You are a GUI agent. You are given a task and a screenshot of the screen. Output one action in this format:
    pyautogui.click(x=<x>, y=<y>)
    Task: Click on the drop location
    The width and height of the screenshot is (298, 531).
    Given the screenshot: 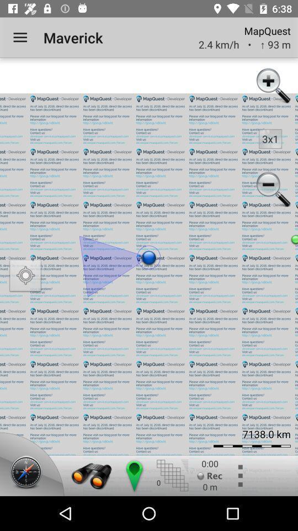 What is the action you would take?
    pyautogui.click(x=134, y=475)
    